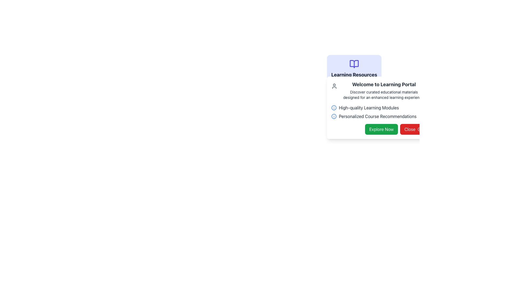 Image resolution: width=518 pixels, height=291 pixels. I want to click on the 'Explore Now' and 'Close' buttons in the button pair grouping at the bottom of the modal to trigger their respective hover effects, so click(379, 129).